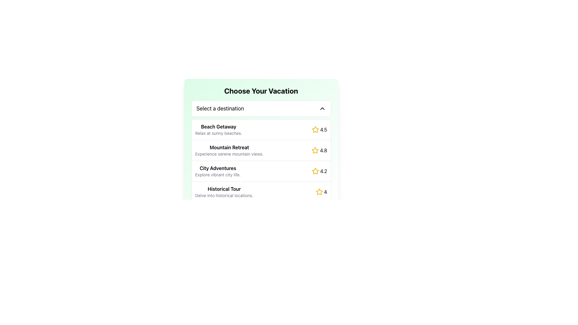  What do you see at coordinates (224, 196) in the screenshot?
I see `information from the text label displaying 'Delve into historical locations.' which is positioned below 'Historical Tour' in the list layout` at bounding box center [224, 196].